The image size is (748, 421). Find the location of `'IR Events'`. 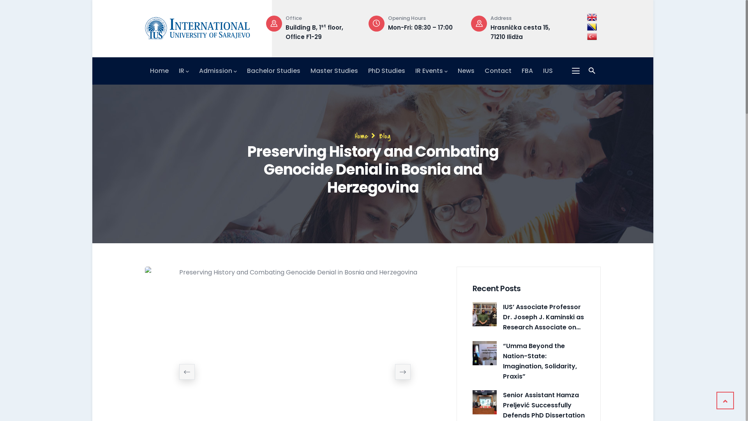

'IR Events' is located at coordinates (431, 71).